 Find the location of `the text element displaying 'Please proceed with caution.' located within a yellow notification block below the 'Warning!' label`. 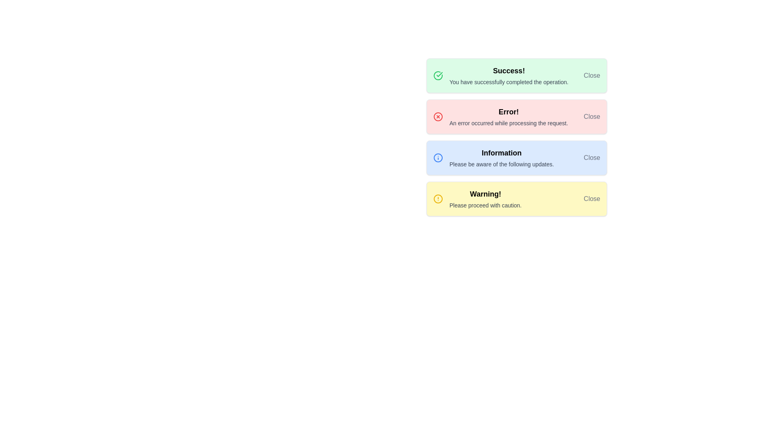

the text element displaying 'Please proceed with caution.' located within a yellow notification block below the 'Warning!' label is located at coordinates (485, 205).